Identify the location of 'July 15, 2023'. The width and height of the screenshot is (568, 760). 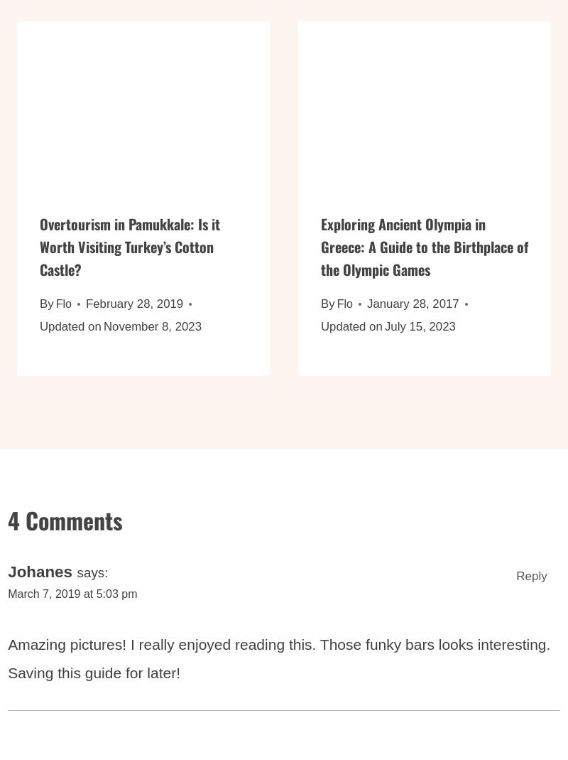
(419, 334).